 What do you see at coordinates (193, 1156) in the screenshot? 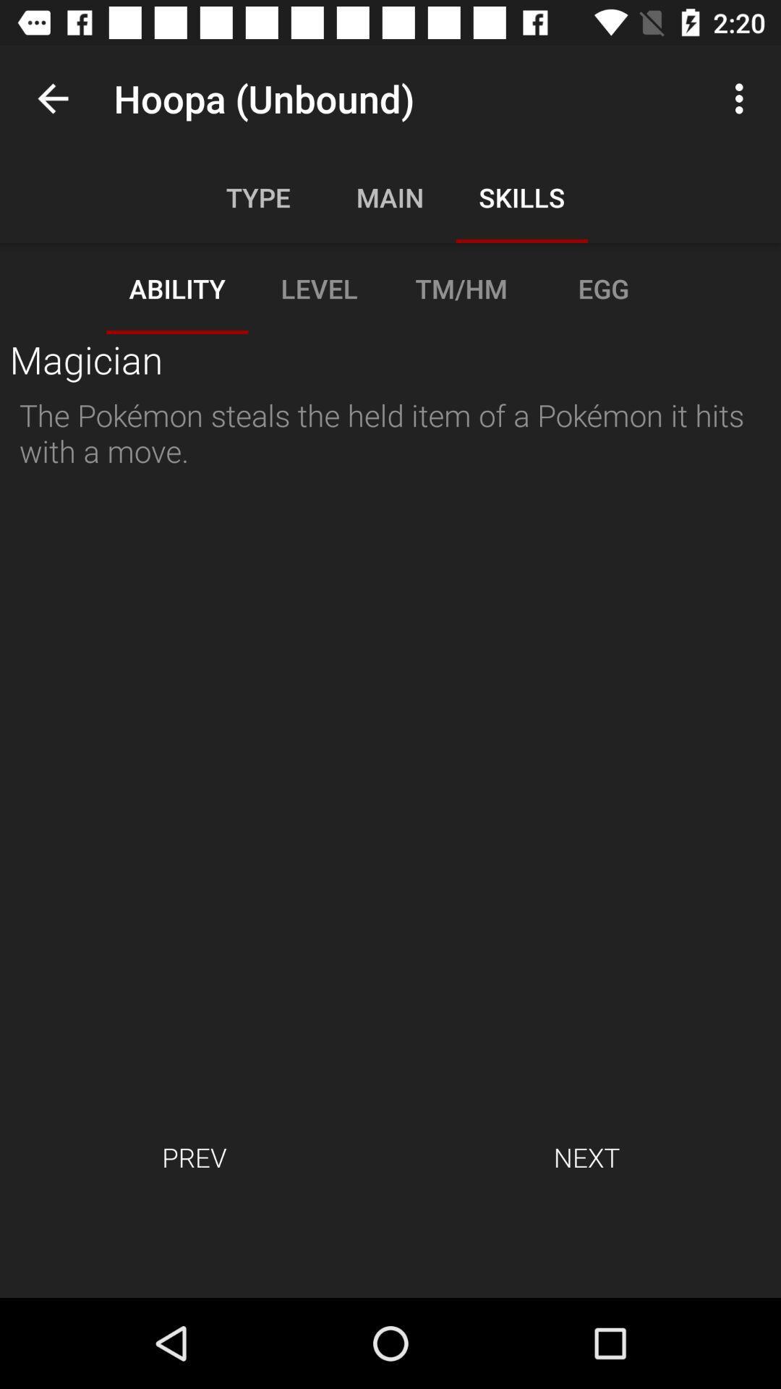
I see `prev` at bounding box center [193, 1156].